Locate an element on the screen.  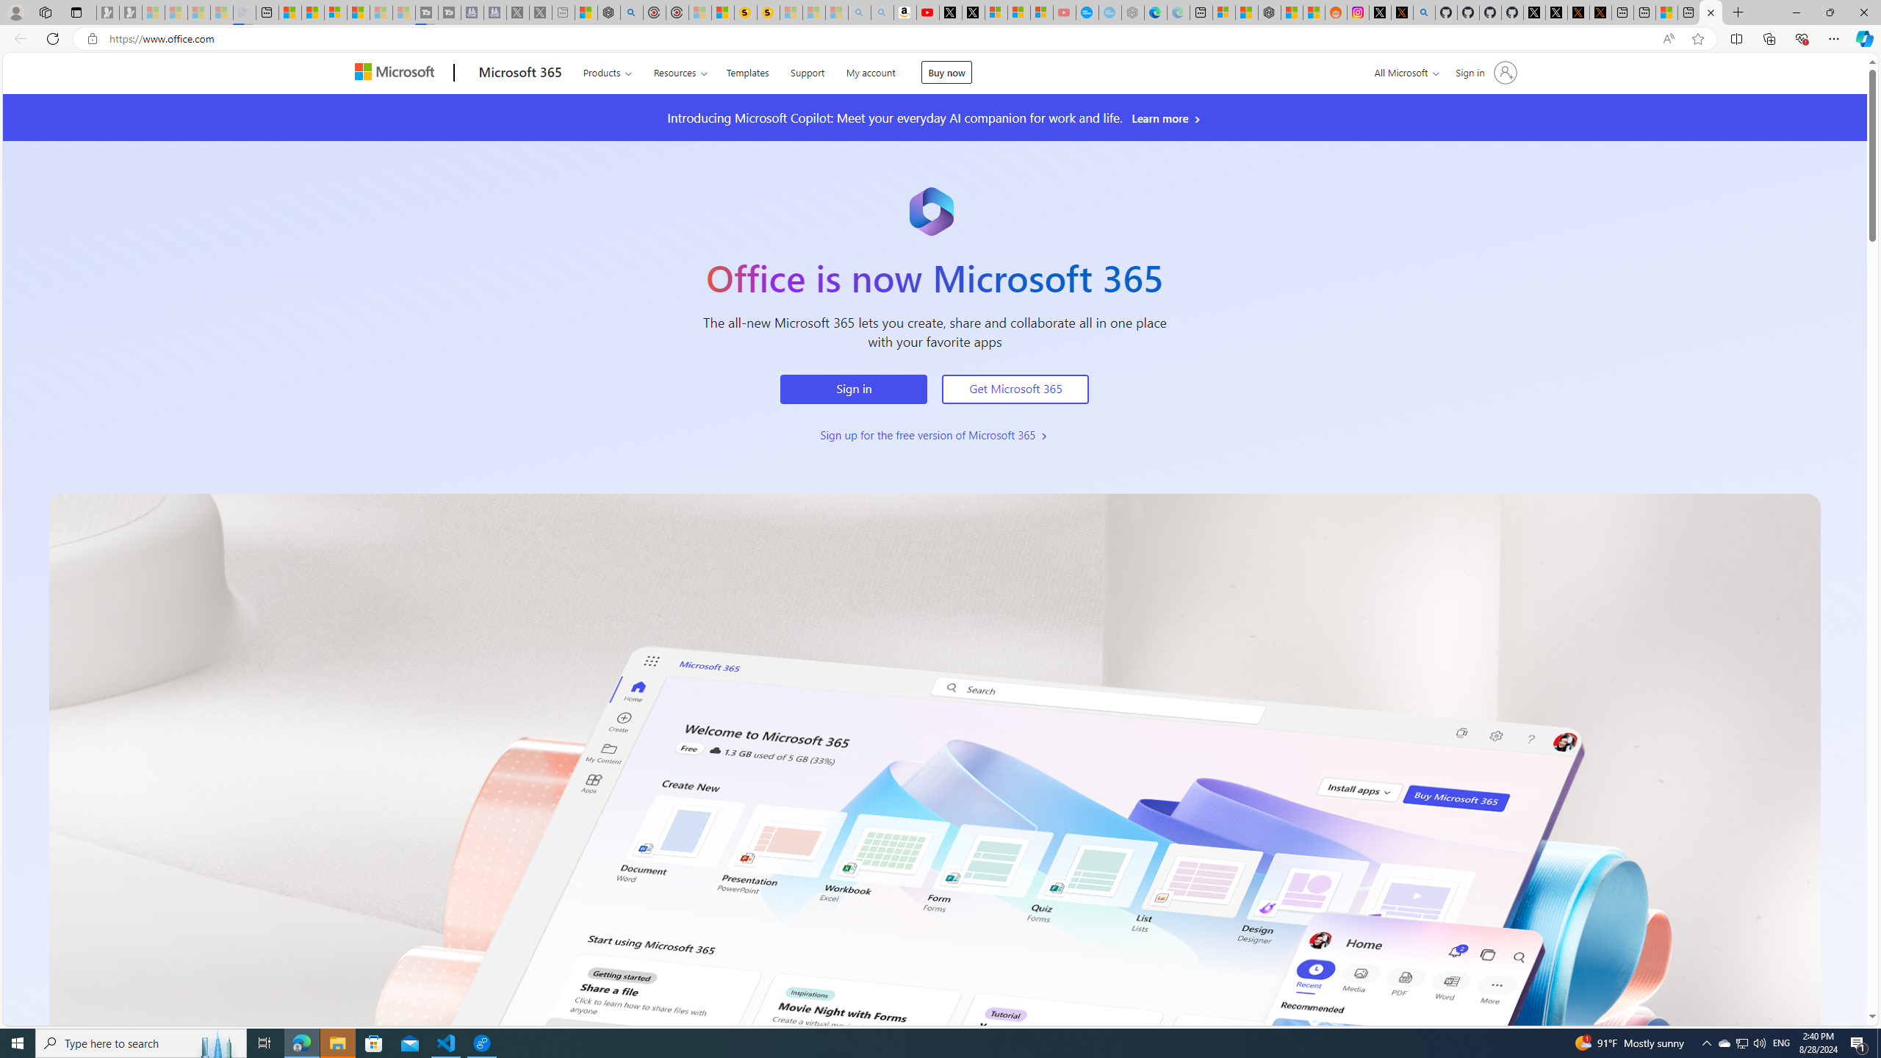
'poe - Search' is located at coordinates (632, 12).